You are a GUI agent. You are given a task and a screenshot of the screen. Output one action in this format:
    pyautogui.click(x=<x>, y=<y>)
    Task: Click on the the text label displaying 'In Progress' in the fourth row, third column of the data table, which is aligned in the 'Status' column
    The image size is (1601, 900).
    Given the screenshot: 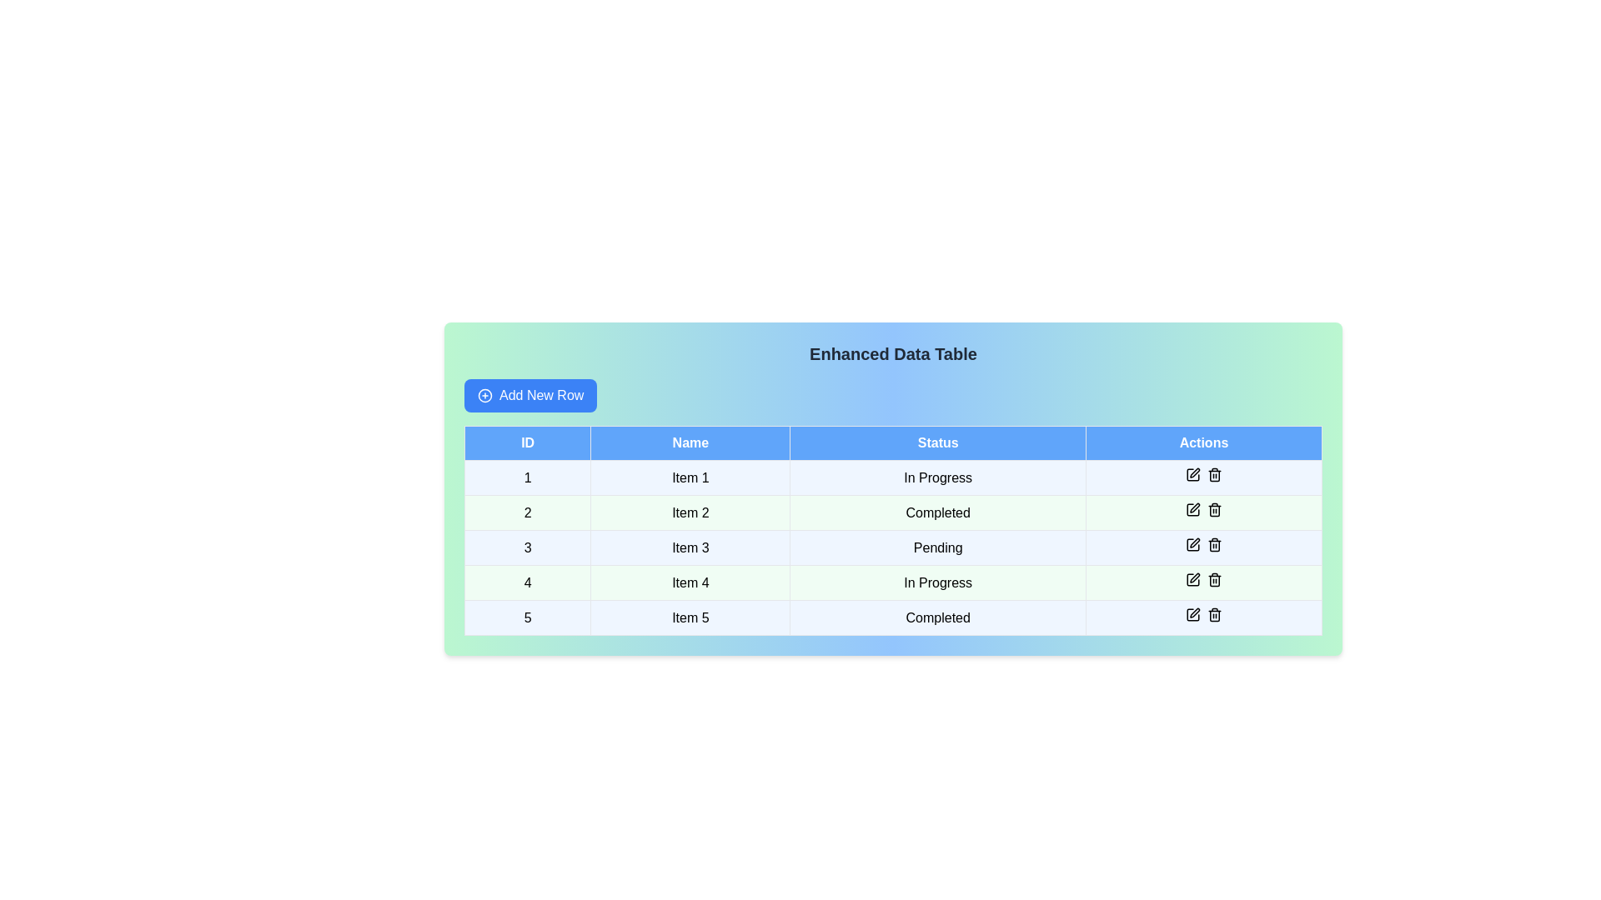 What is the action you would take?
    pyautogui.click(x=938, y=582)
    